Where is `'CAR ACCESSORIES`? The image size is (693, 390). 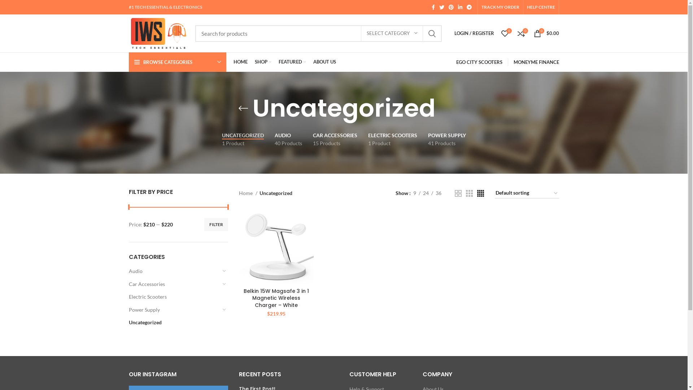
'CAR ACCESSORIES is located at coordinates (335, 139).